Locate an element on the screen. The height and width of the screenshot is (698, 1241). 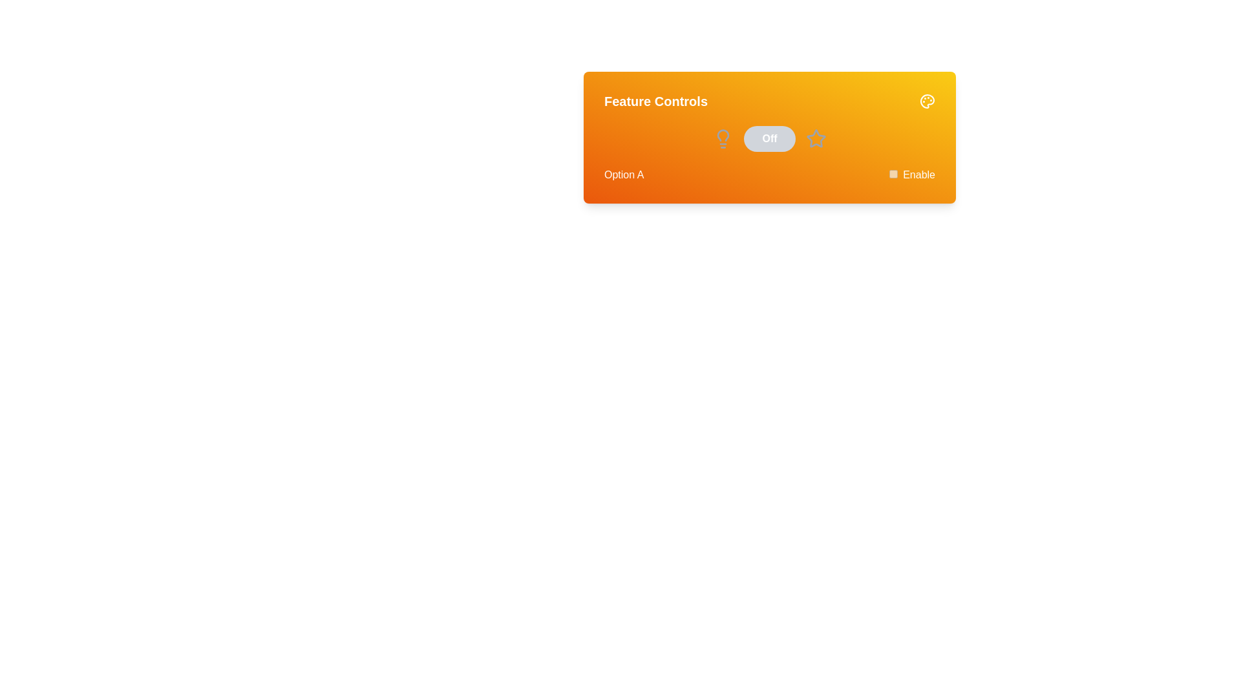
the central toggle button located between the lightbulb icon and the star icon within the orange box is located at coordinates (769, 139).